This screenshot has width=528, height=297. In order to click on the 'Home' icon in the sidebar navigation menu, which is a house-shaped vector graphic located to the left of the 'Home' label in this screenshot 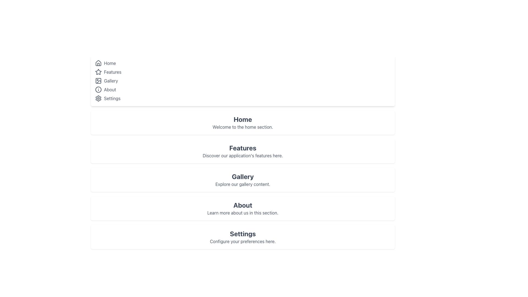, I will do `click(98, 63)`.